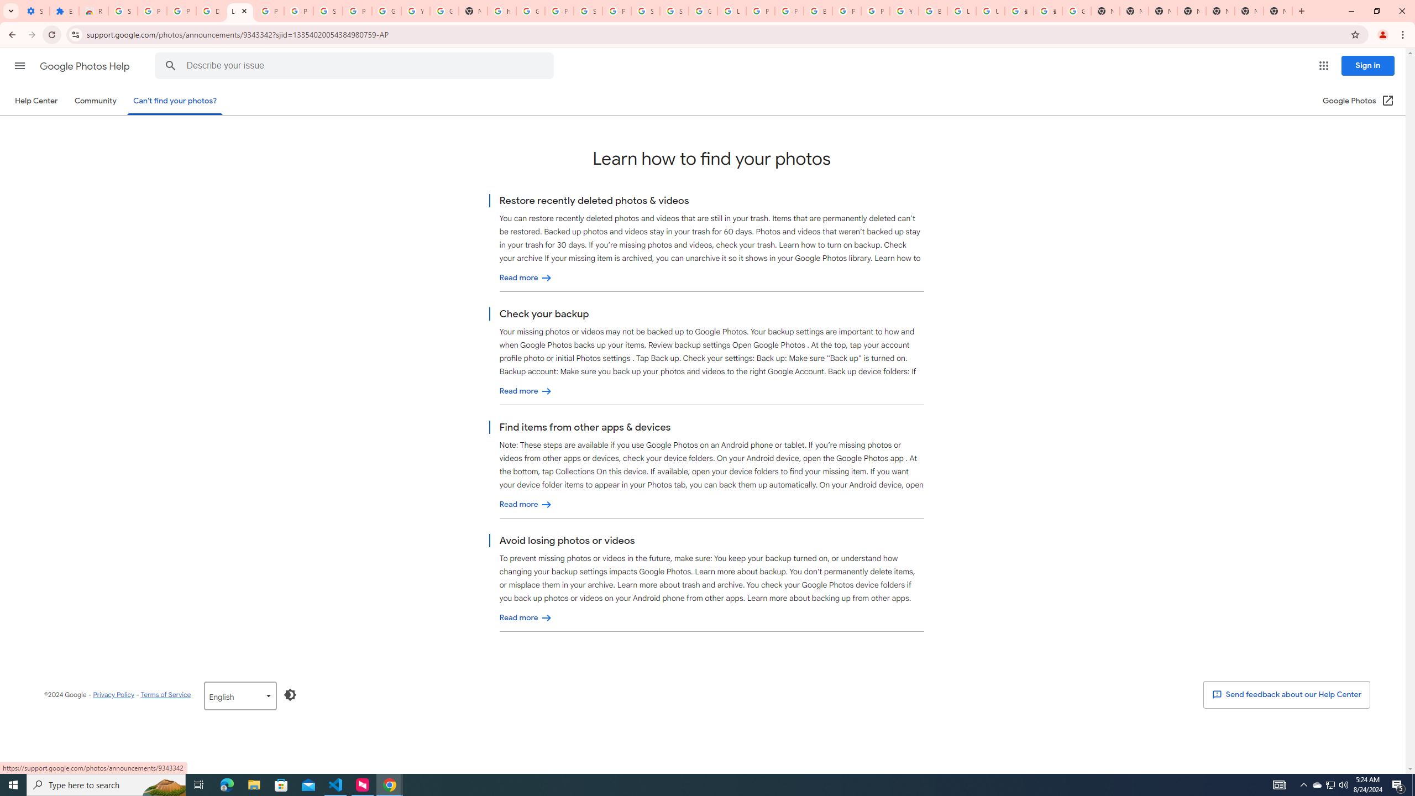 The height and width of the screenshot is (796, 1415). What do you see at coordinates (526, 390) in the screenshot?
I see `'Check your backup'` at bounding box center [526, 390].